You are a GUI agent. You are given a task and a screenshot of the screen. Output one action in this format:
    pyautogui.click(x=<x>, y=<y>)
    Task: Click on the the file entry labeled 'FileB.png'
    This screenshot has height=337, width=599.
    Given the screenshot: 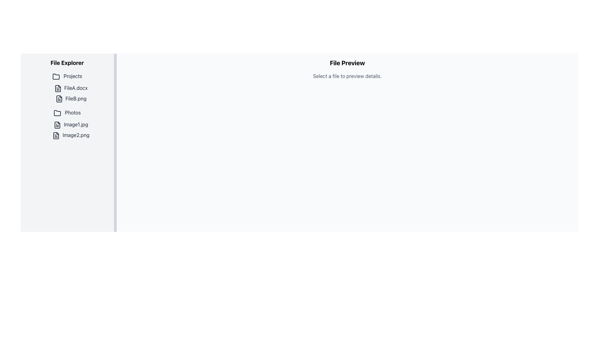 What is the action you would take?
    pyautogui.click(x=71, y=98)
    